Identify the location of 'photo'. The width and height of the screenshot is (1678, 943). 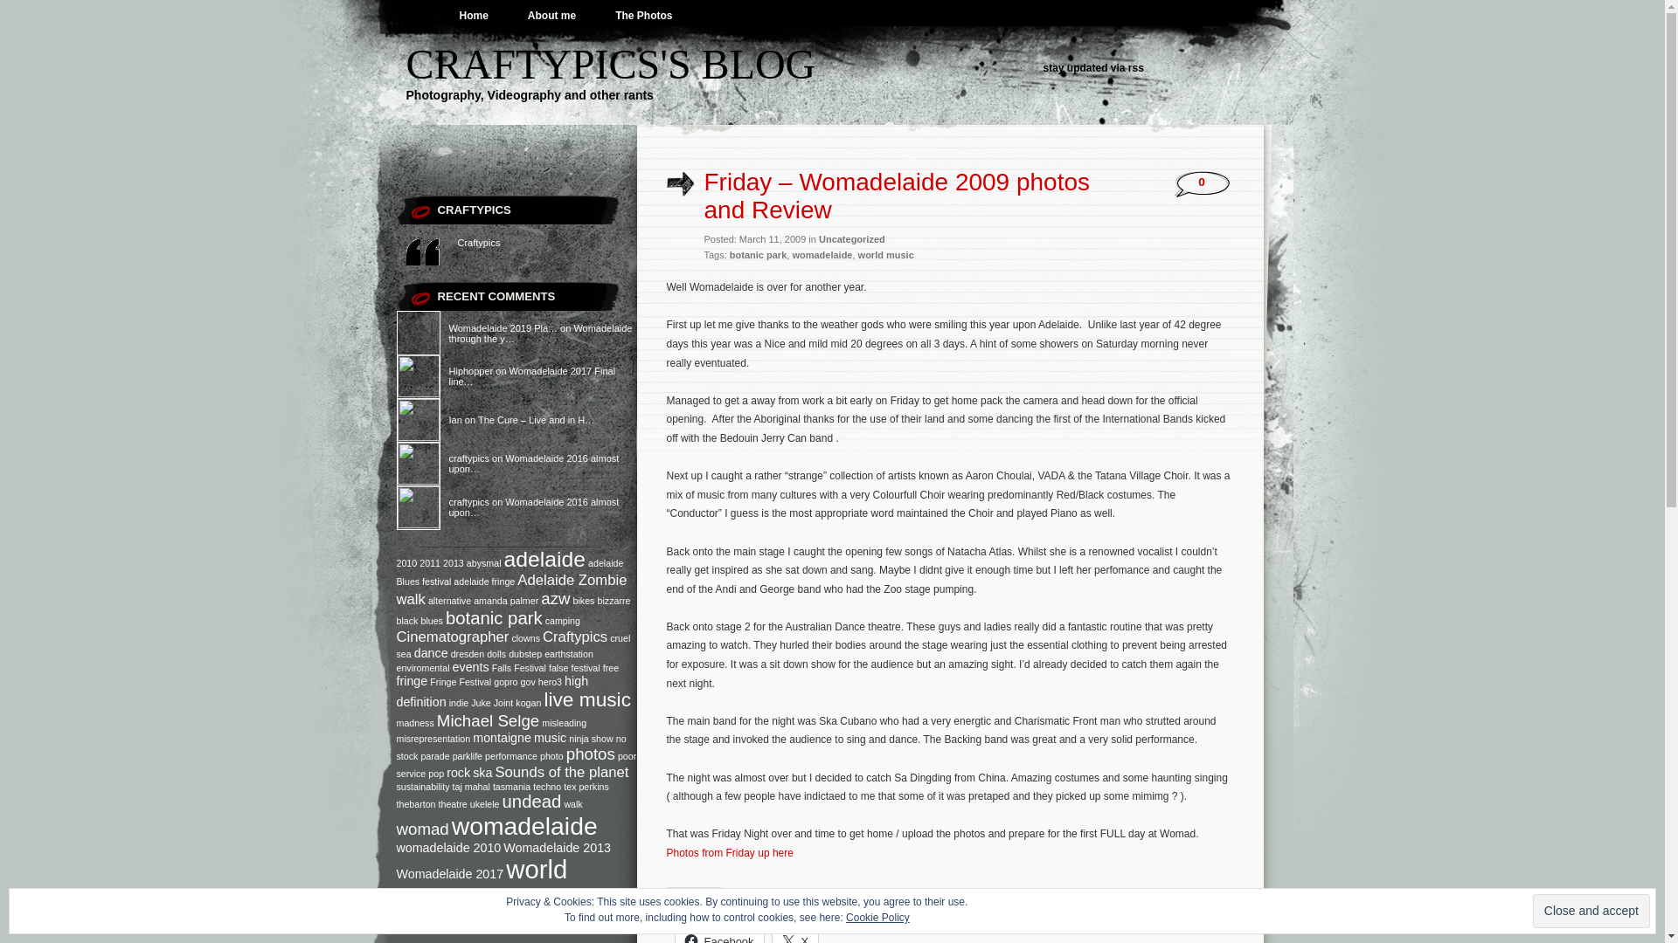
(551, 755).